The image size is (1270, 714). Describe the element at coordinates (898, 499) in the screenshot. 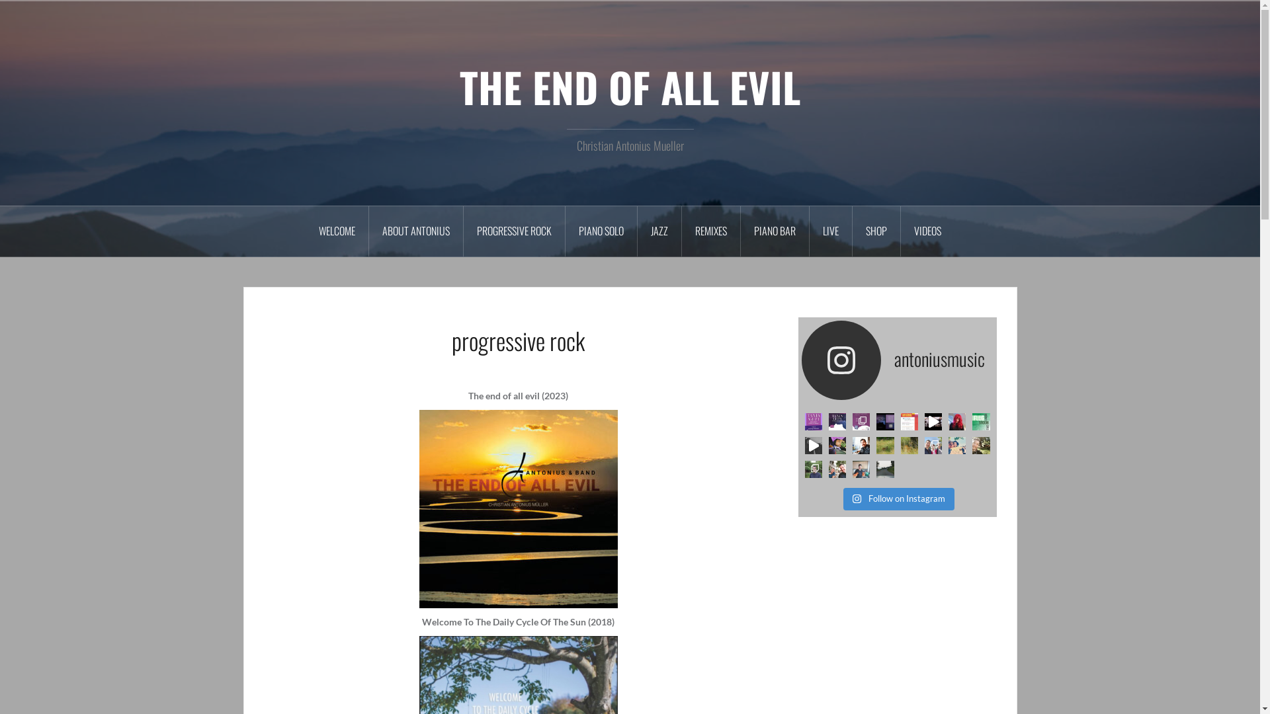

I see `'Follow on Instagram'` at that location.